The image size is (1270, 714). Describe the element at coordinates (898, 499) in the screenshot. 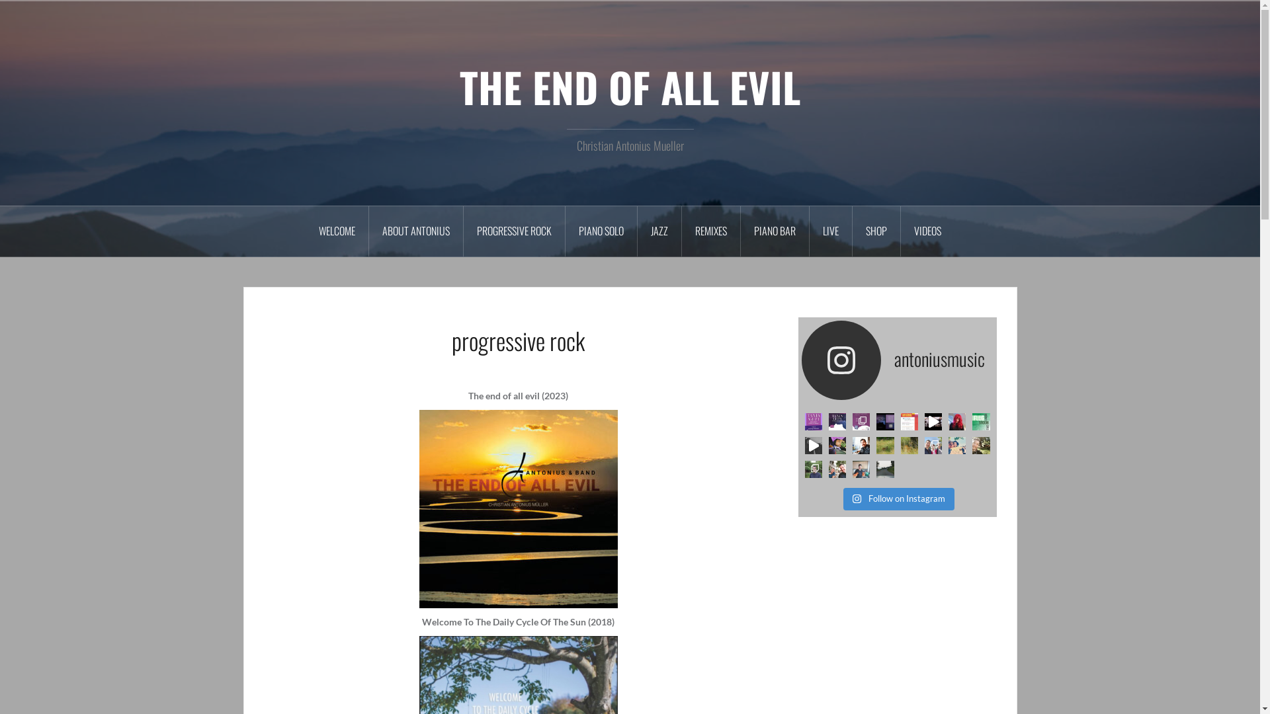

I see `'Follow on Instagram'` at that location.